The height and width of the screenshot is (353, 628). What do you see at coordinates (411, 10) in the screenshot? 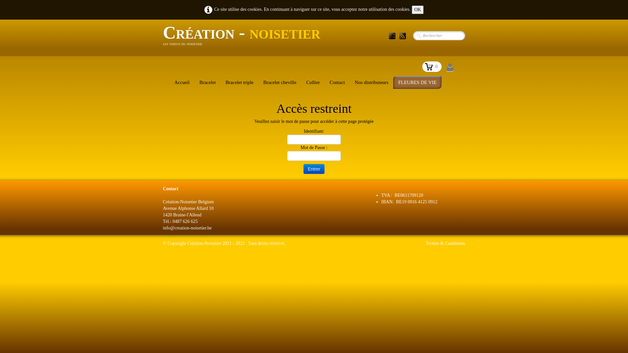
I see `'OK'` at bounding box center [411, 10].